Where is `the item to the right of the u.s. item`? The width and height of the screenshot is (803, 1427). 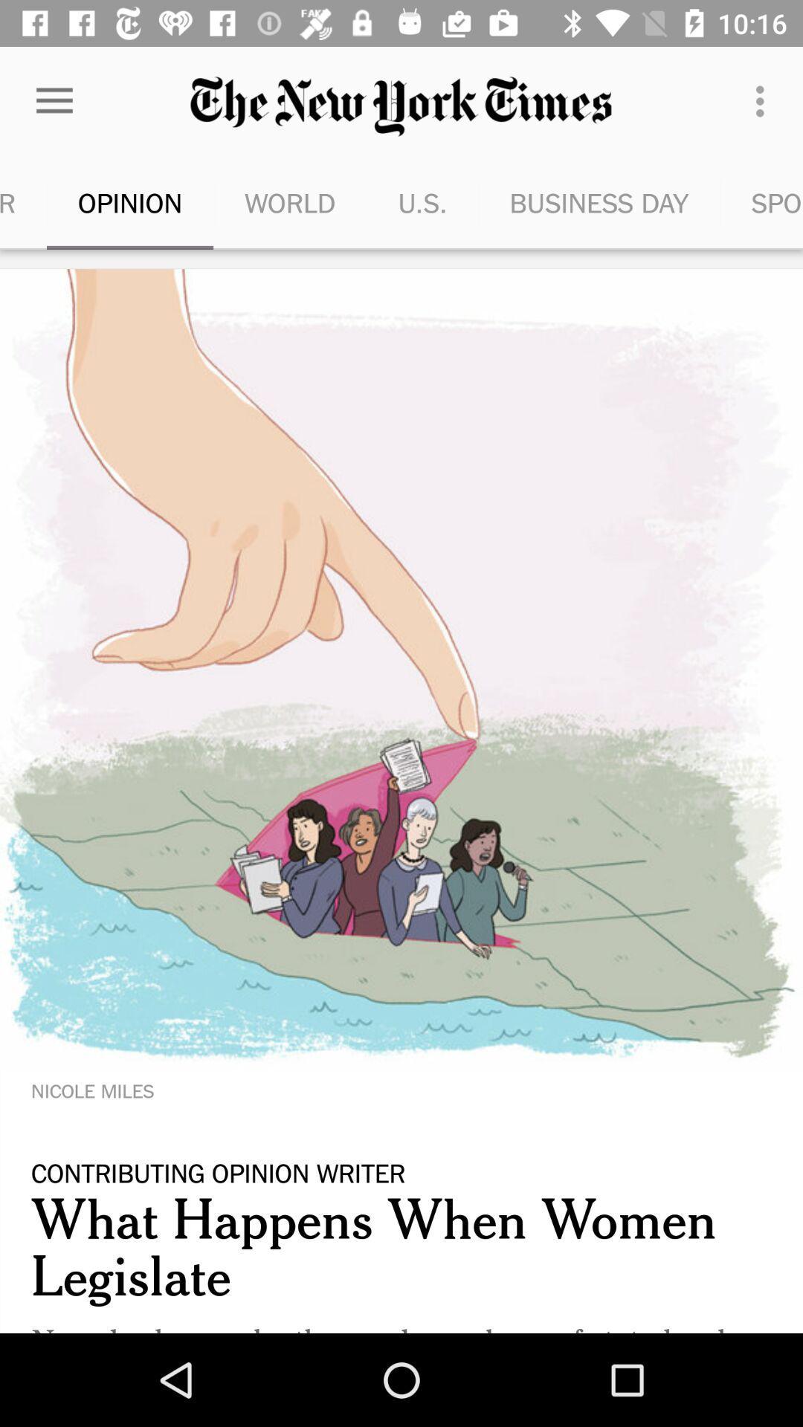 the item to the right of the u.s. item is located at coordinates (598, 202).